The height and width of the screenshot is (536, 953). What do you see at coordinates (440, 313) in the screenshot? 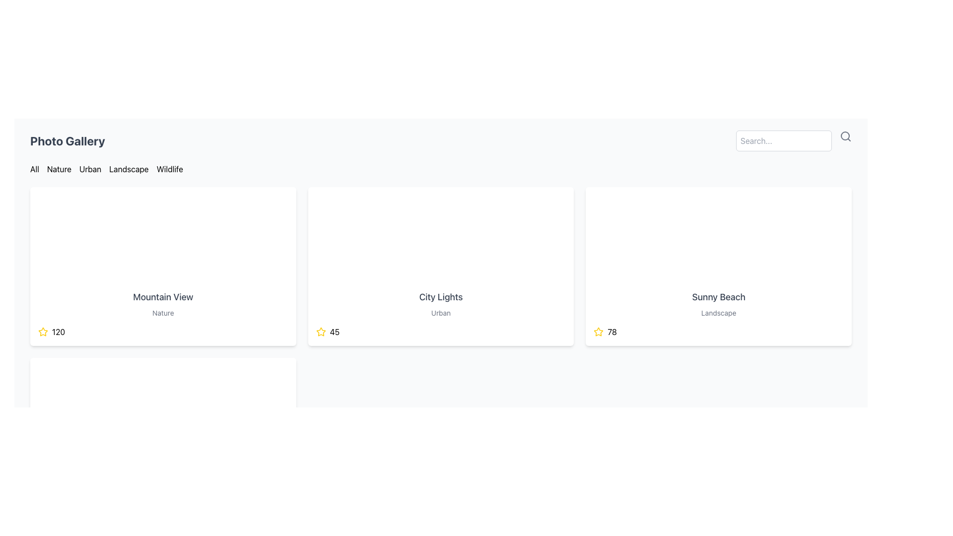
I see `the static text label that categorizes the content in the card, which is positioned below 'City Lights' and above the number '45'` at bounding box center [440, 313].